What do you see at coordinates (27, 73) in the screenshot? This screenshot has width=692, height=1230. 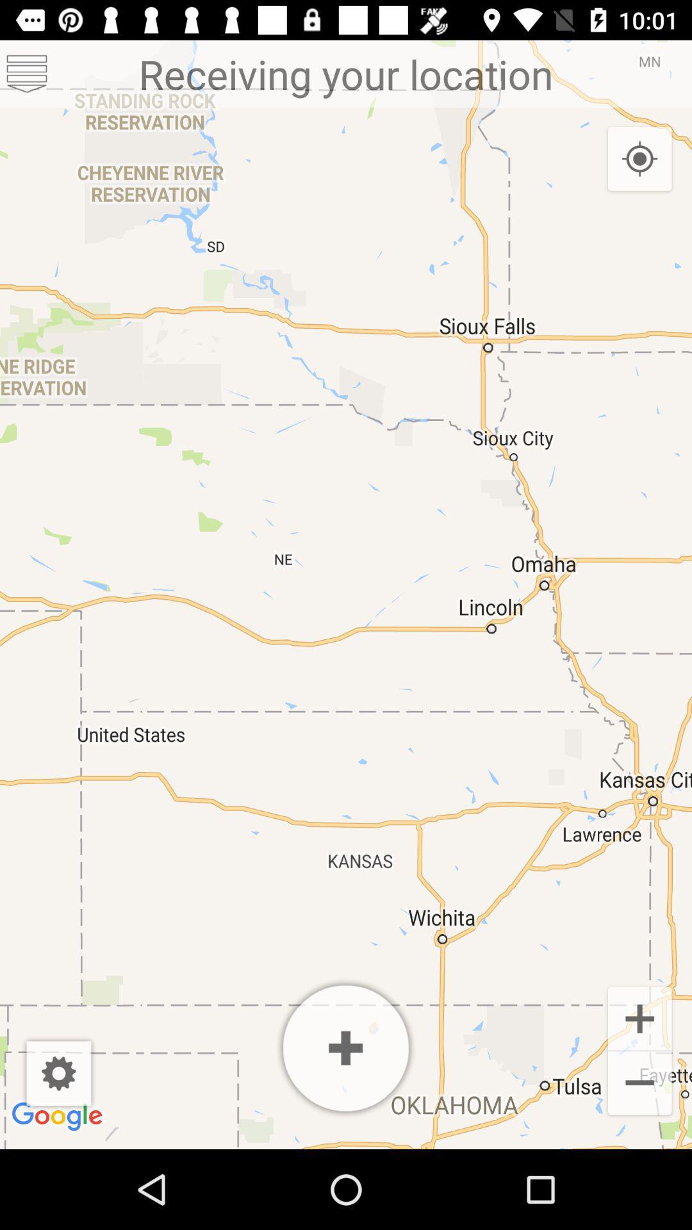 I see `item at the top left corner` at bounding box center [27, 73].